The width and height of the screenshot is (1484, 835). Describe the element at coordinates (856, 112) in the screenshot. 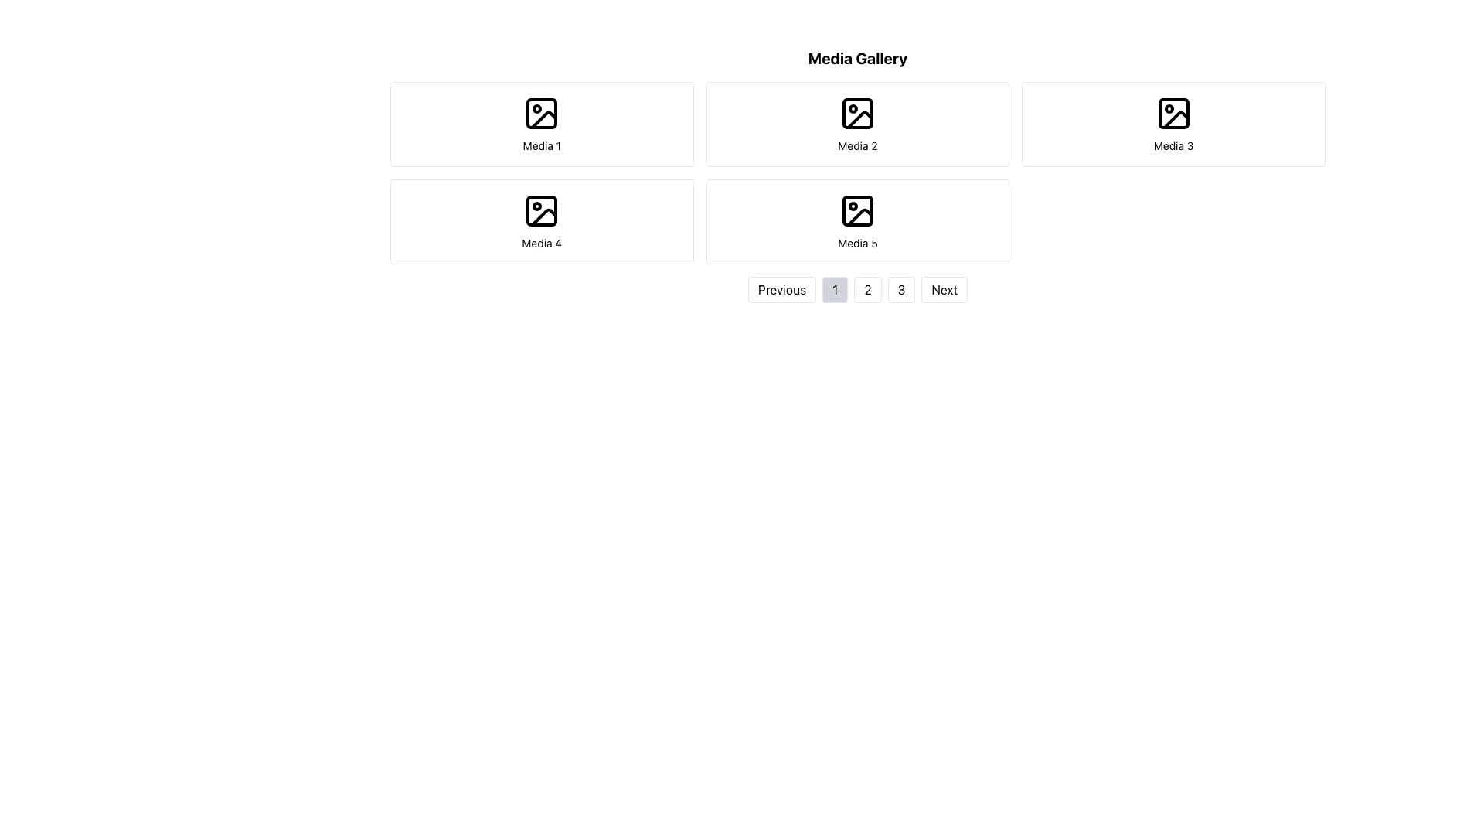

I see `the background layer of the 'Media 2' icon in the gallery interface, which serves as a visual boundary and structure for the icon's content` at that location.